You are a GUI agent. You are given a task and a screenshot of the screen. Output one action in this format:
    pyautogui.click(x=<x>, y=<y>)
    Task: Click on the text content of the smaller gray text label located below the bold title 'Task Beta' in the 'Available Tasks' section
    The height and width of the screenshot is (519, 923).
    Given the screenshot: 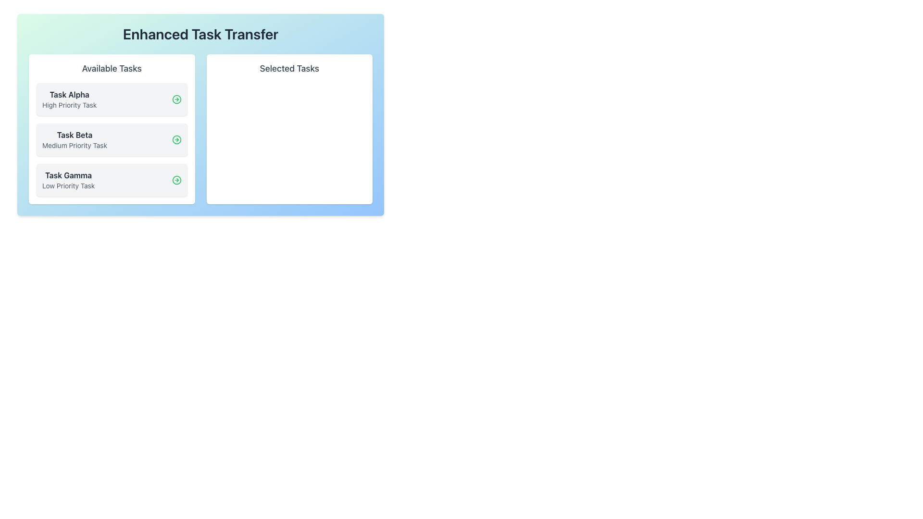 What is the action you would take?
    pyautogui.click(x=74, y=146)
    